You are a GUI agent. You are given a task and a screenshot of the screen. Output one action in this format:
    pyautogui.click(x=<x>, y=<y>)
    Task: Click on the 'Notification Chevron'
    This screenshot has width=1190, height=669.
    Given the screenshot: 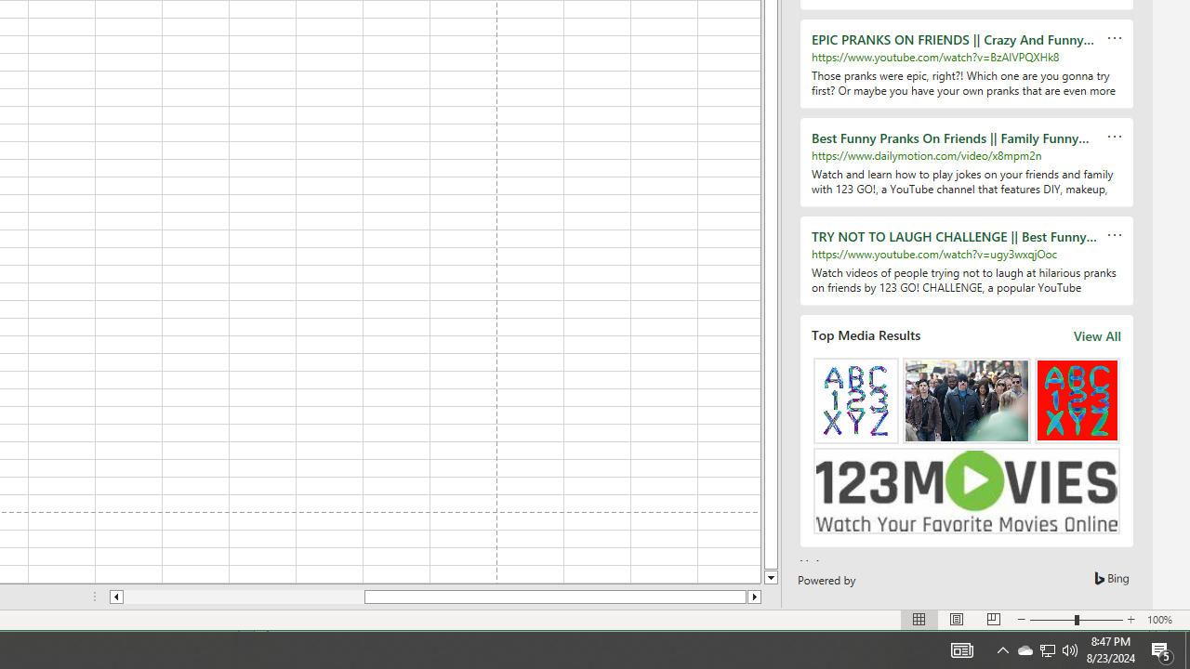 What is the action you would take?
    pyautogui.click(x=1048, y=649)
    